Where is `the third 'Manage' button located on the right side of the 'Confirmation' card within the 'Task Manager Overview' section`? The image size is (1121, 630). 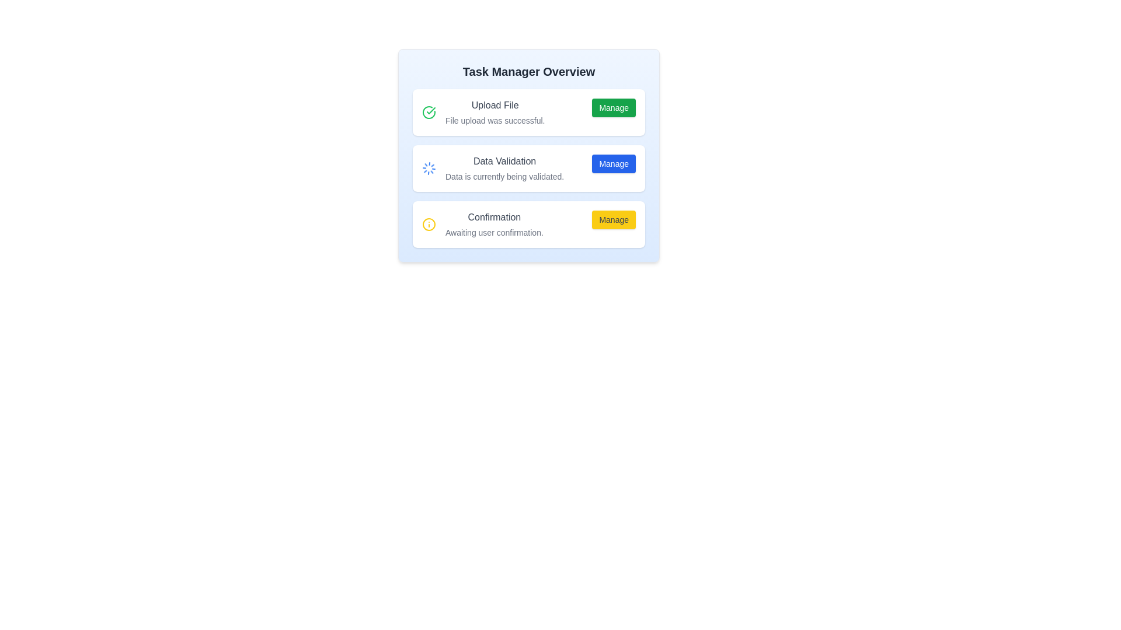 the third 'Manage' button located on the right side of the 'Confirmation' card within the 'Task Manager Overview' section is located at coordinates (613, 220).